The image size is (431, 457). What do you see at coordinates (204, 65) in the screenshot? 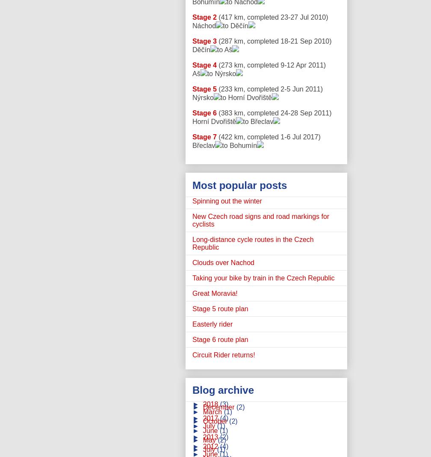
I see `'Stage 4'` at bounding box center [204, 65].